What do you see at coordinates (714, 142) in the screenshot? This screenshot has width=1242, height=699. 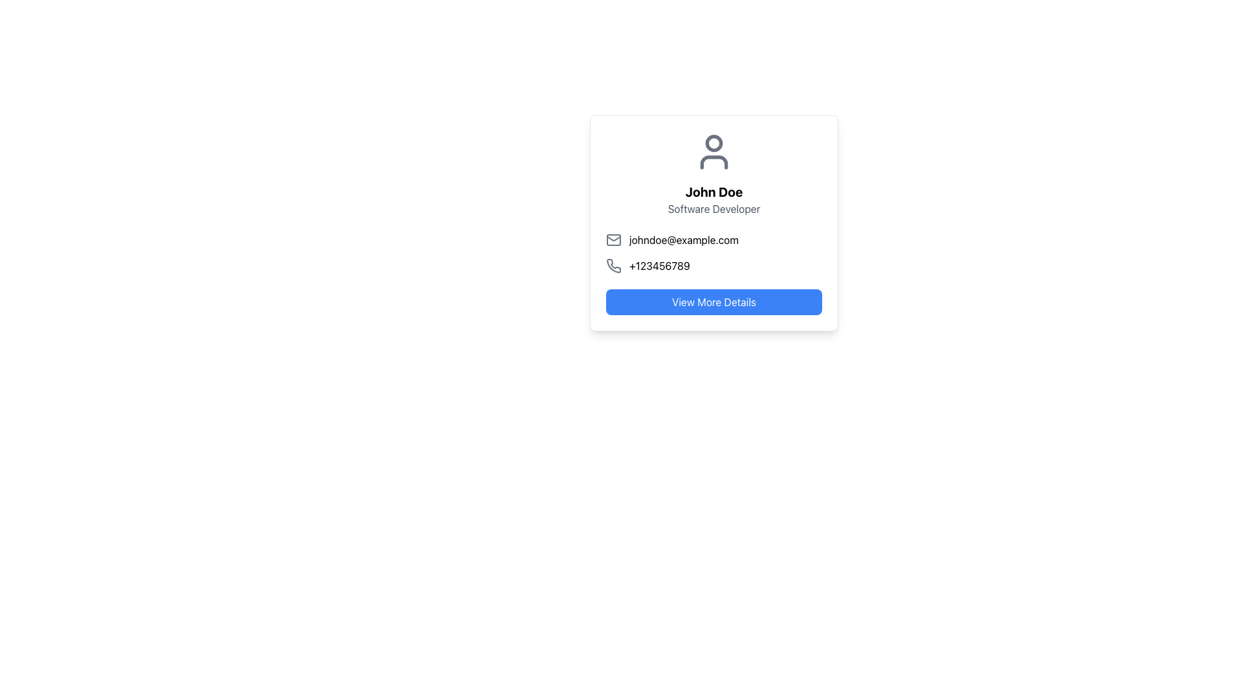 I see `the circular element that represents the user's head in the avatar icon located at the top of the contact card layout` at bounding box center [714, 142].